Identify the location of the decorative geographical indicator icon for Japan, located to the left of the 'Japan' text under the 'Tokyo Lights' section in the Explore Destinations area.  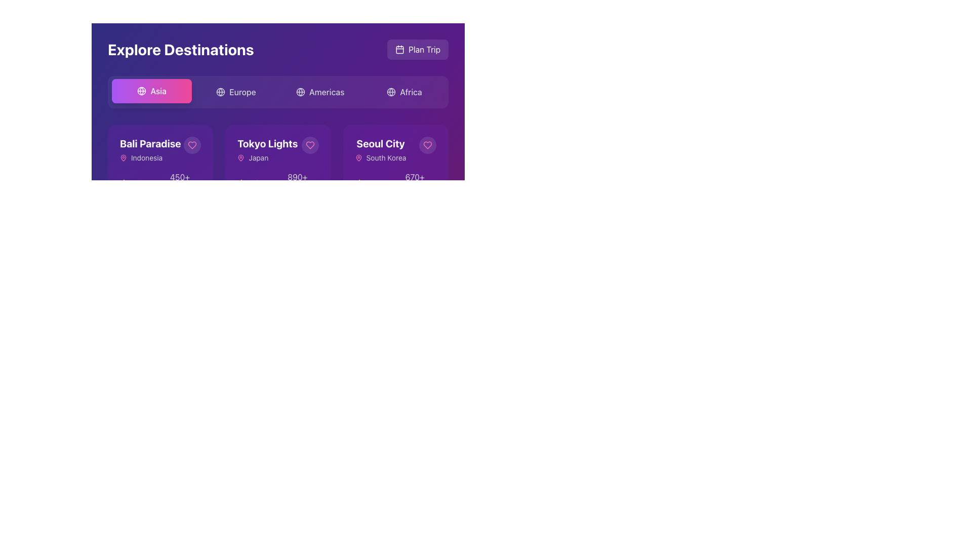
(240, 158).